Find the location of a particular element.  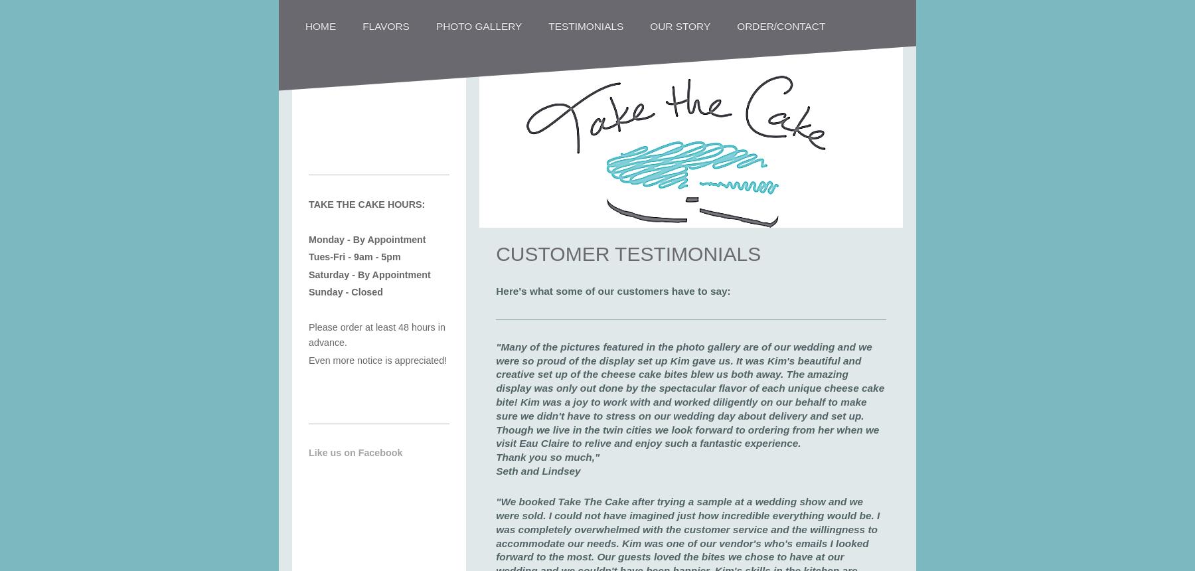

'Testimonials' is located at coordinates (586, 25).